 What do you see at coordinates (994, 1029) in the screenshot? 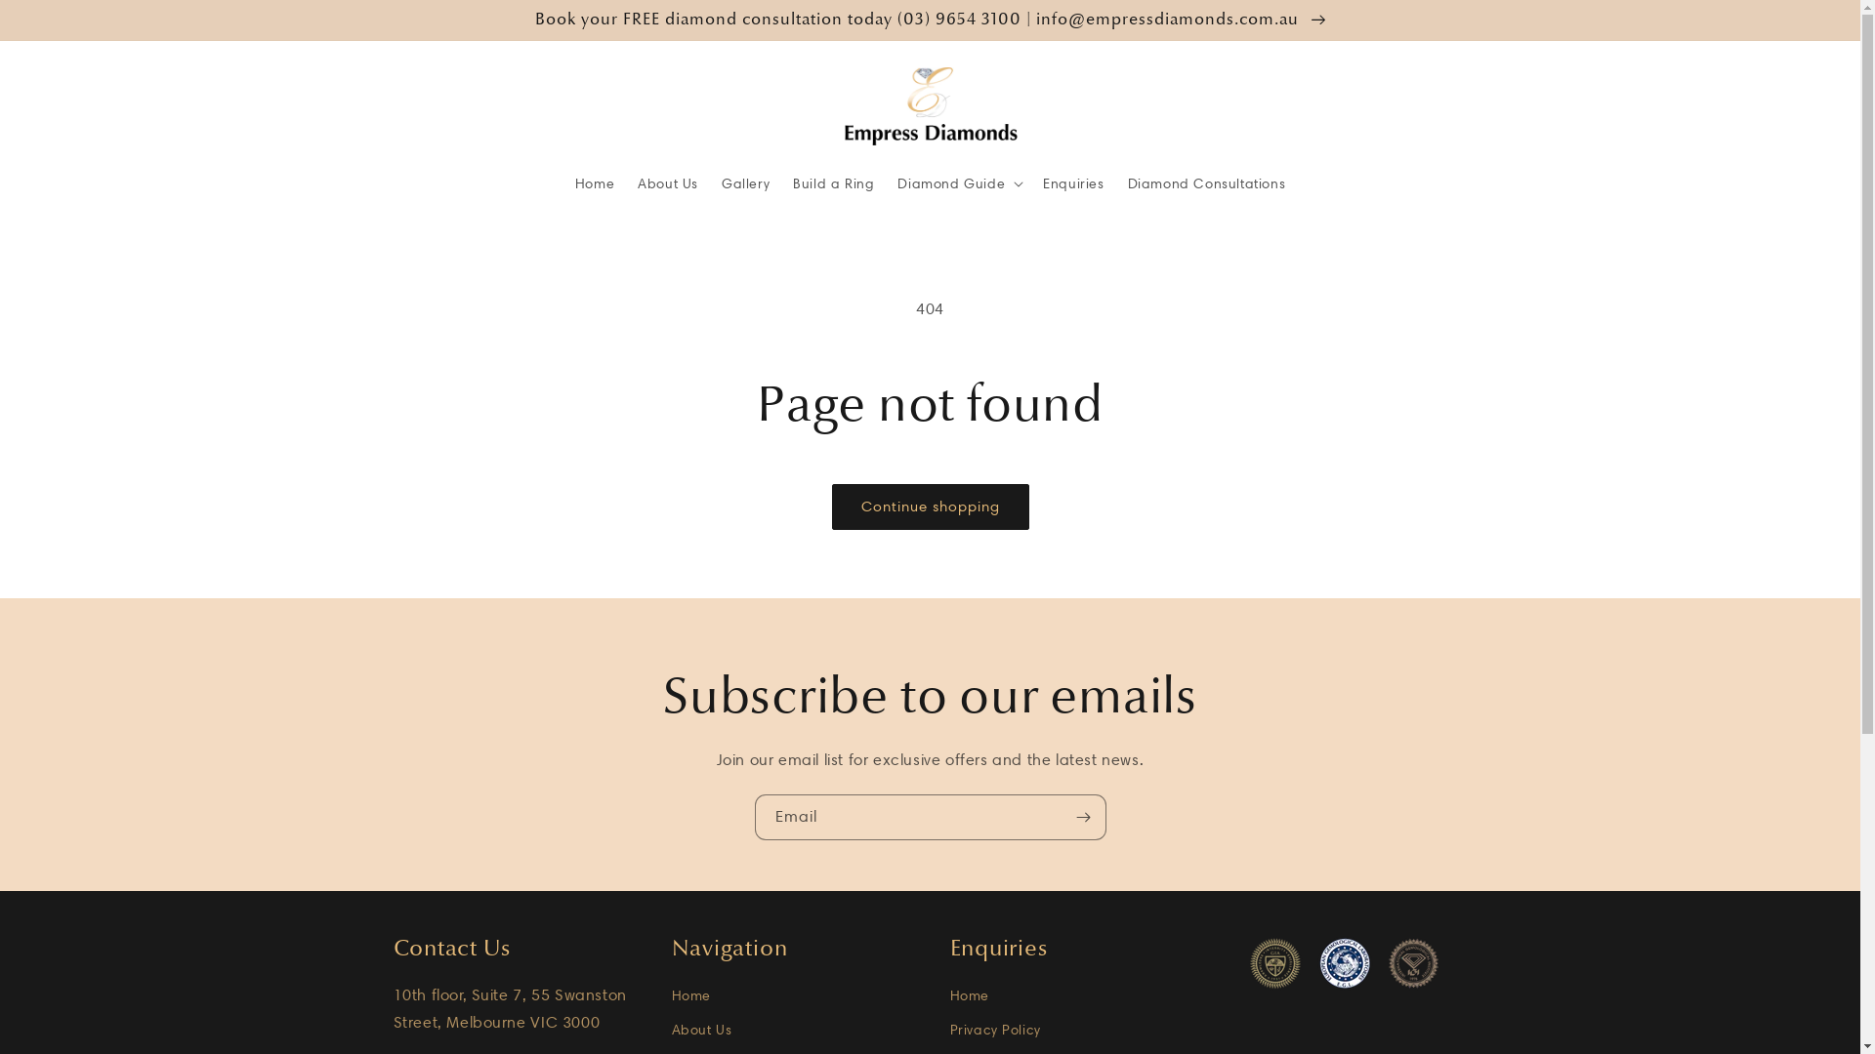
I see `'Privacy Policy'` at bounding box center [994, 1029].